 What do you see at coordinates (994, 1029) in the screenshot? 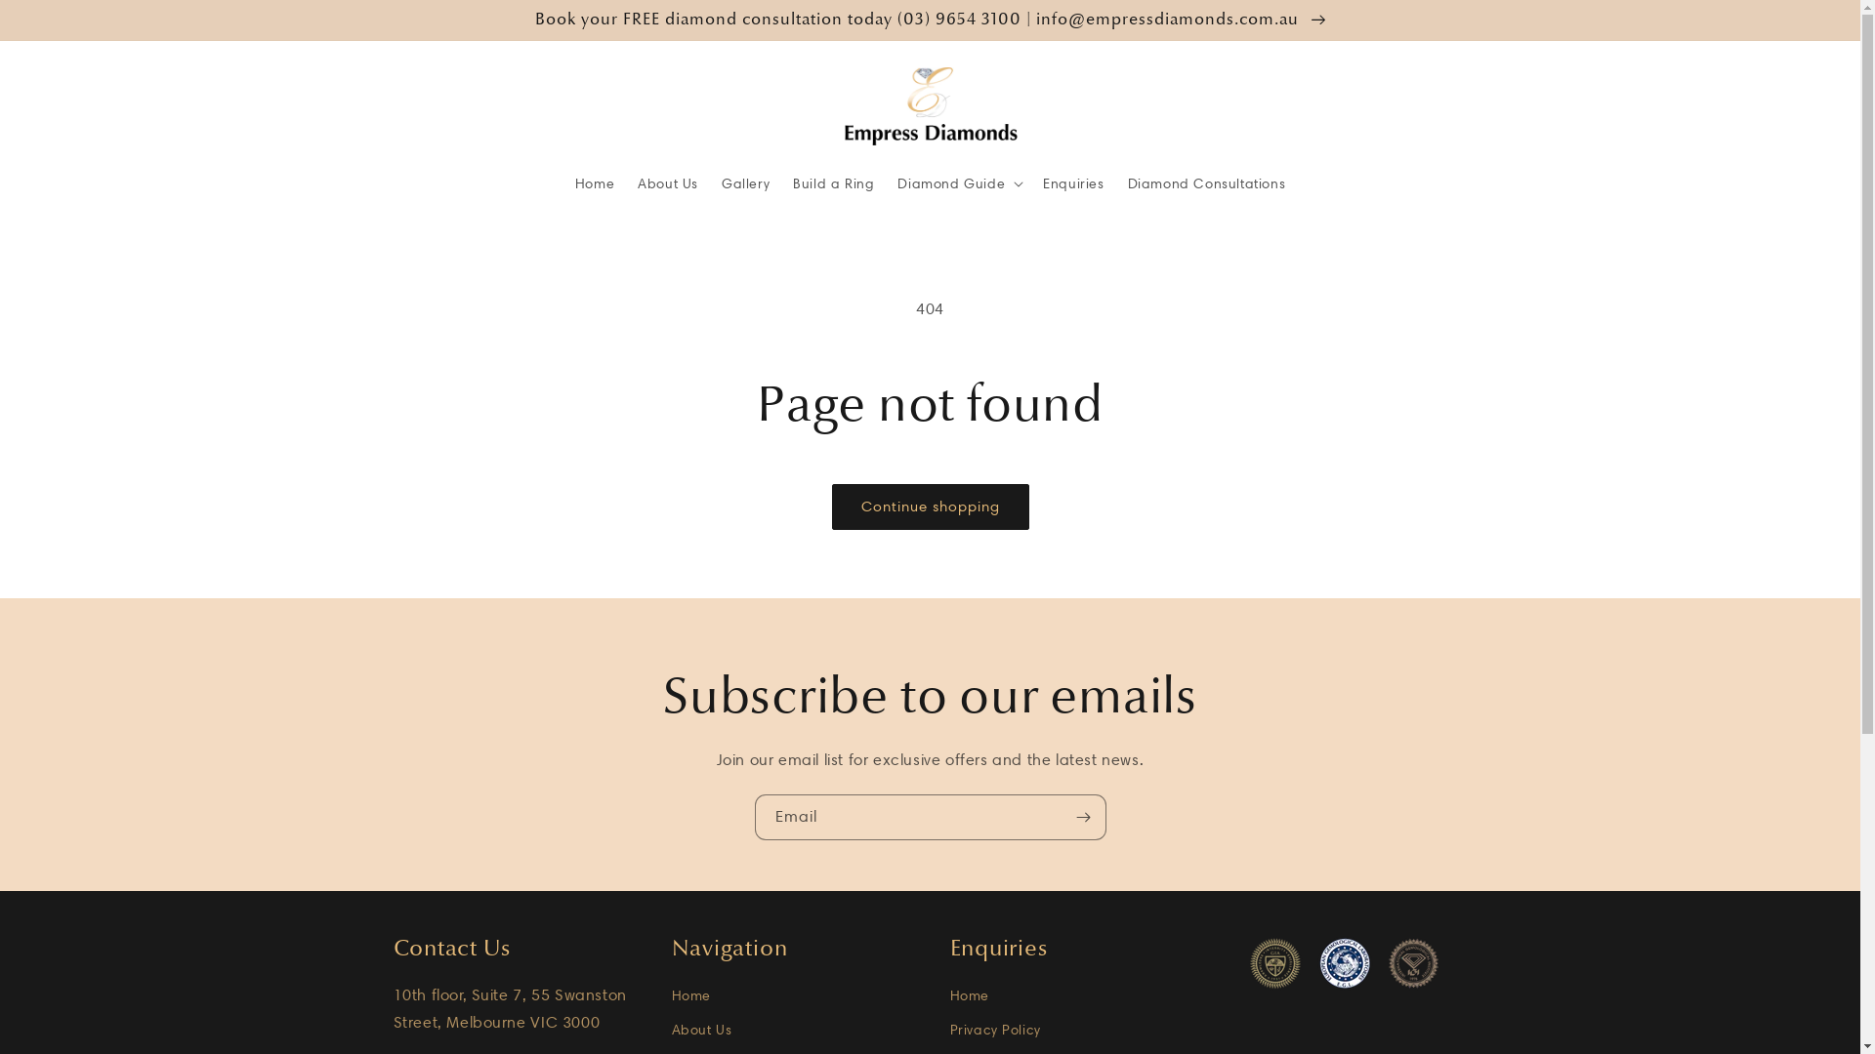
I see `'Privacy Policy'` at bounding box center [994, 1029].